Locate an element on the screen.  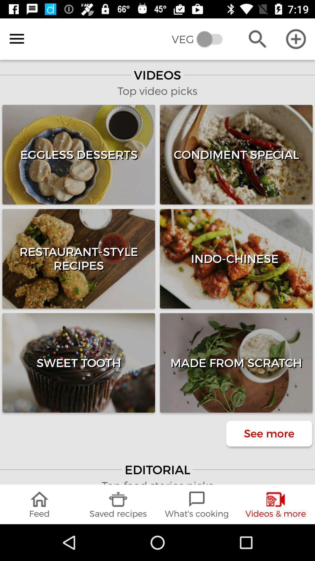
see more item is located at coordinates (269, 433).